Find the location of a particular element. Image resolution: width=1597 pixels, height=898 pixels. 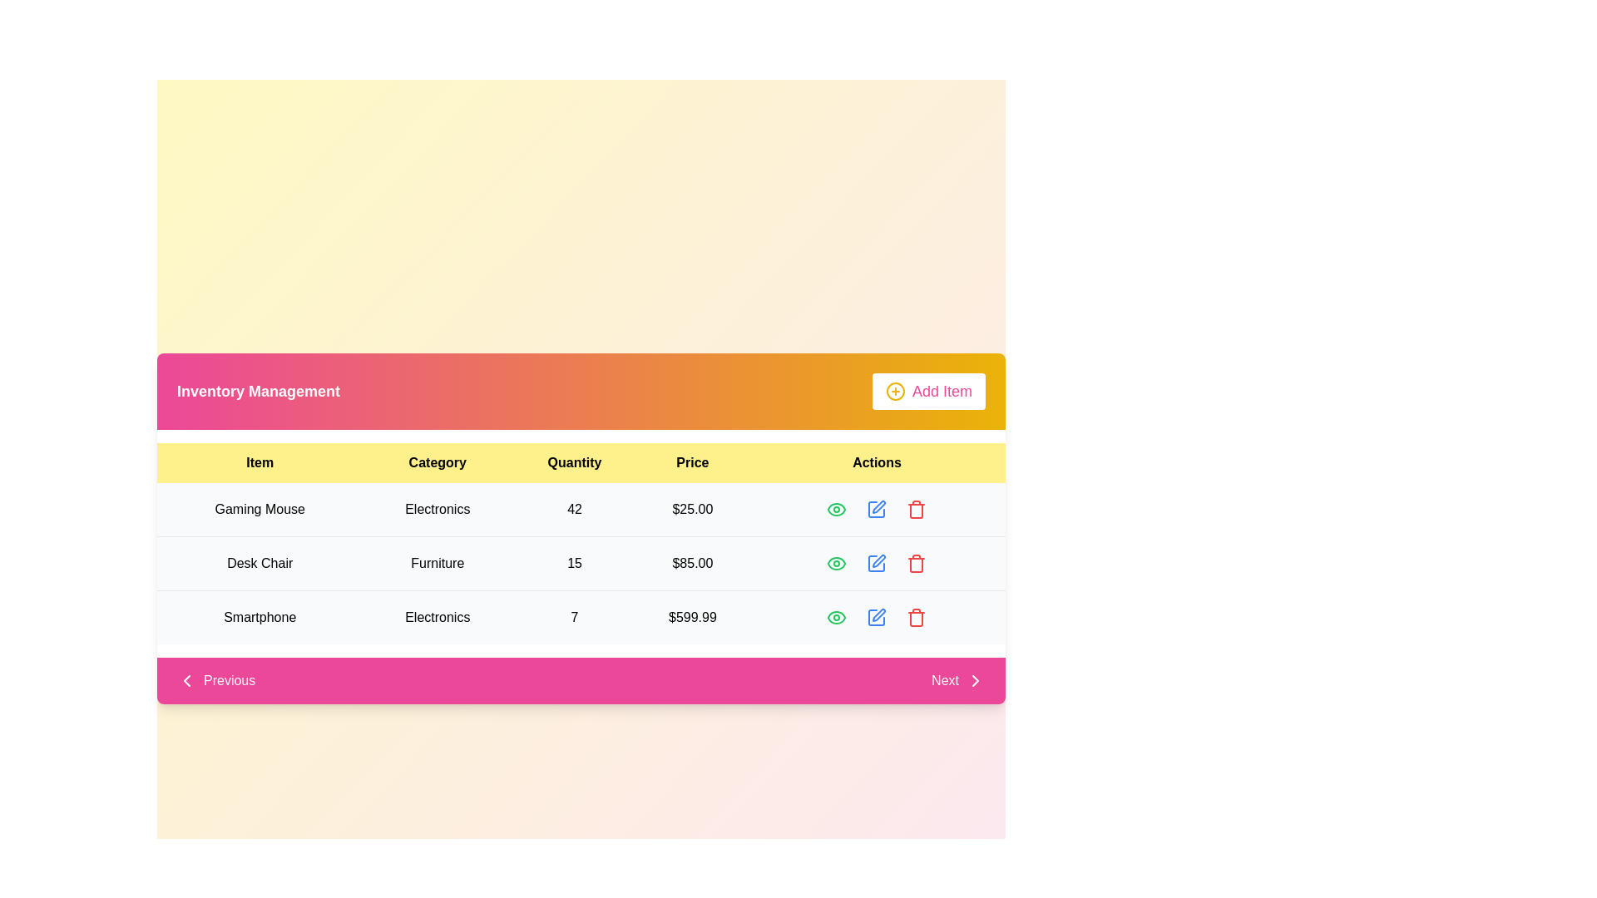

the red trash bin icon button located in the 'Actions' column of the second row is located at coordinates (916, 563).